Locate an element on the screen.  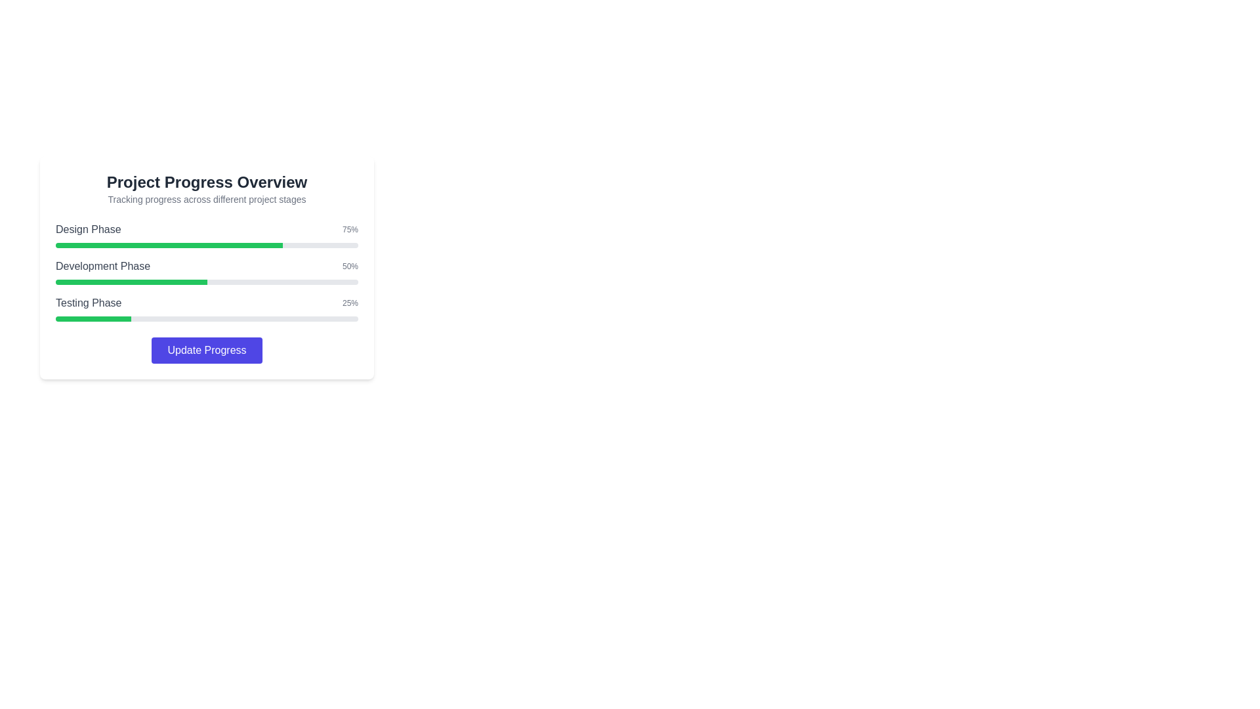
the Progress Bar indicating 75% completion in the 'Design Phase' under 'Project Progress Overview' is located at coordinates (206, 234).